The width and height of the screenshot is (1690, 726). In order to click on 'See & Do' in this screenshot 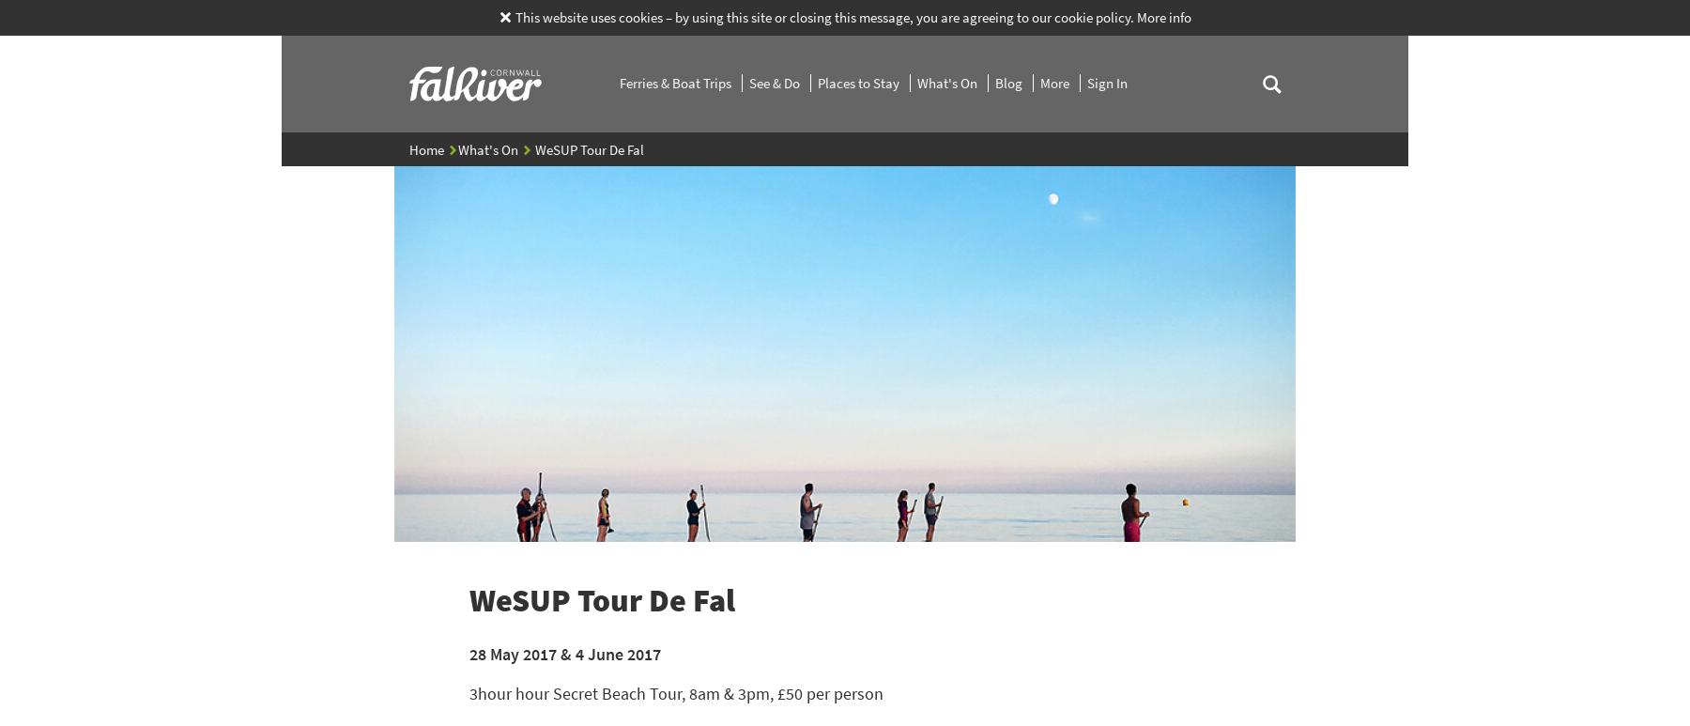, I will do `click(776, 82)`.